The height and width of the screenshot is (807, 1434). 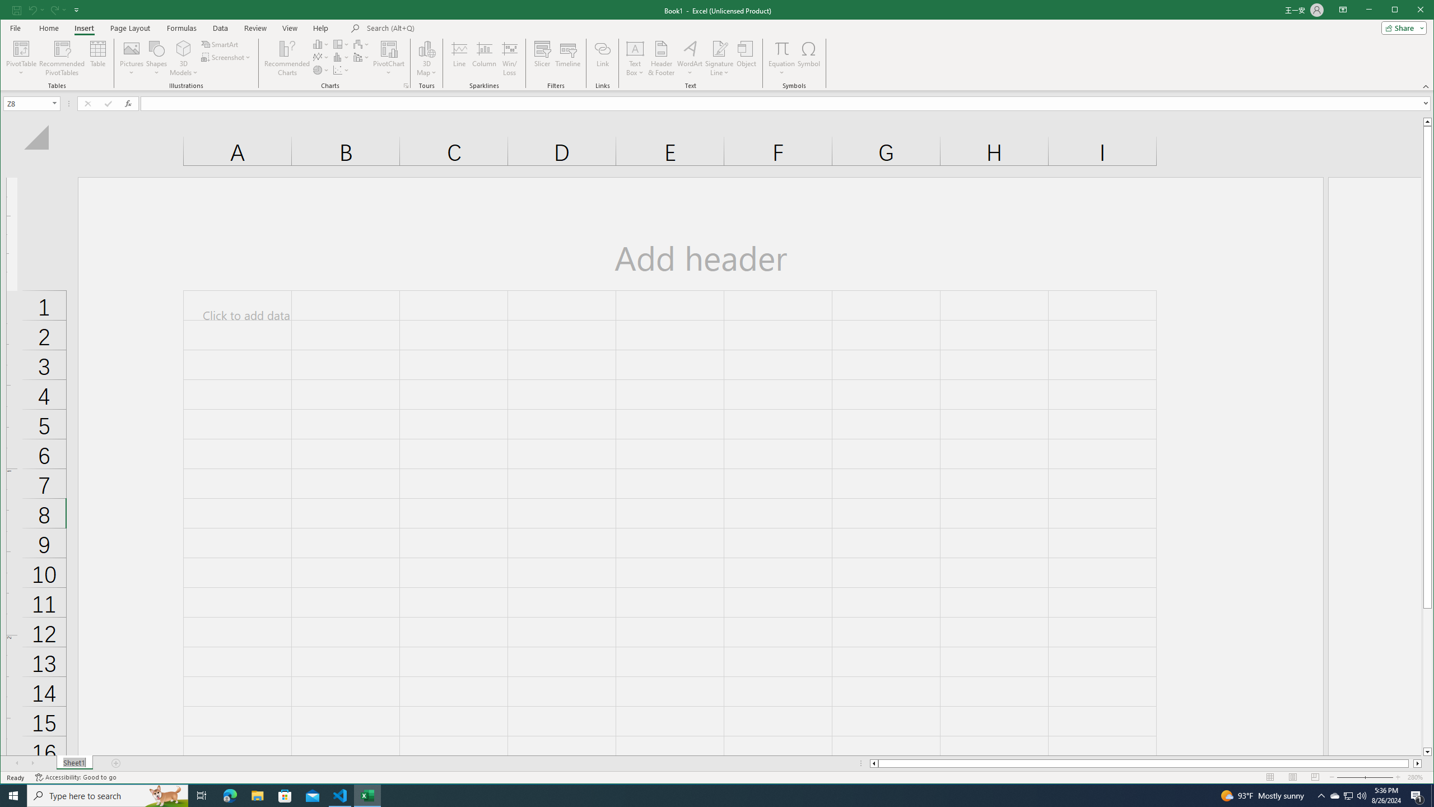 I want to click on 'Task View', so click(x=201, y=795).